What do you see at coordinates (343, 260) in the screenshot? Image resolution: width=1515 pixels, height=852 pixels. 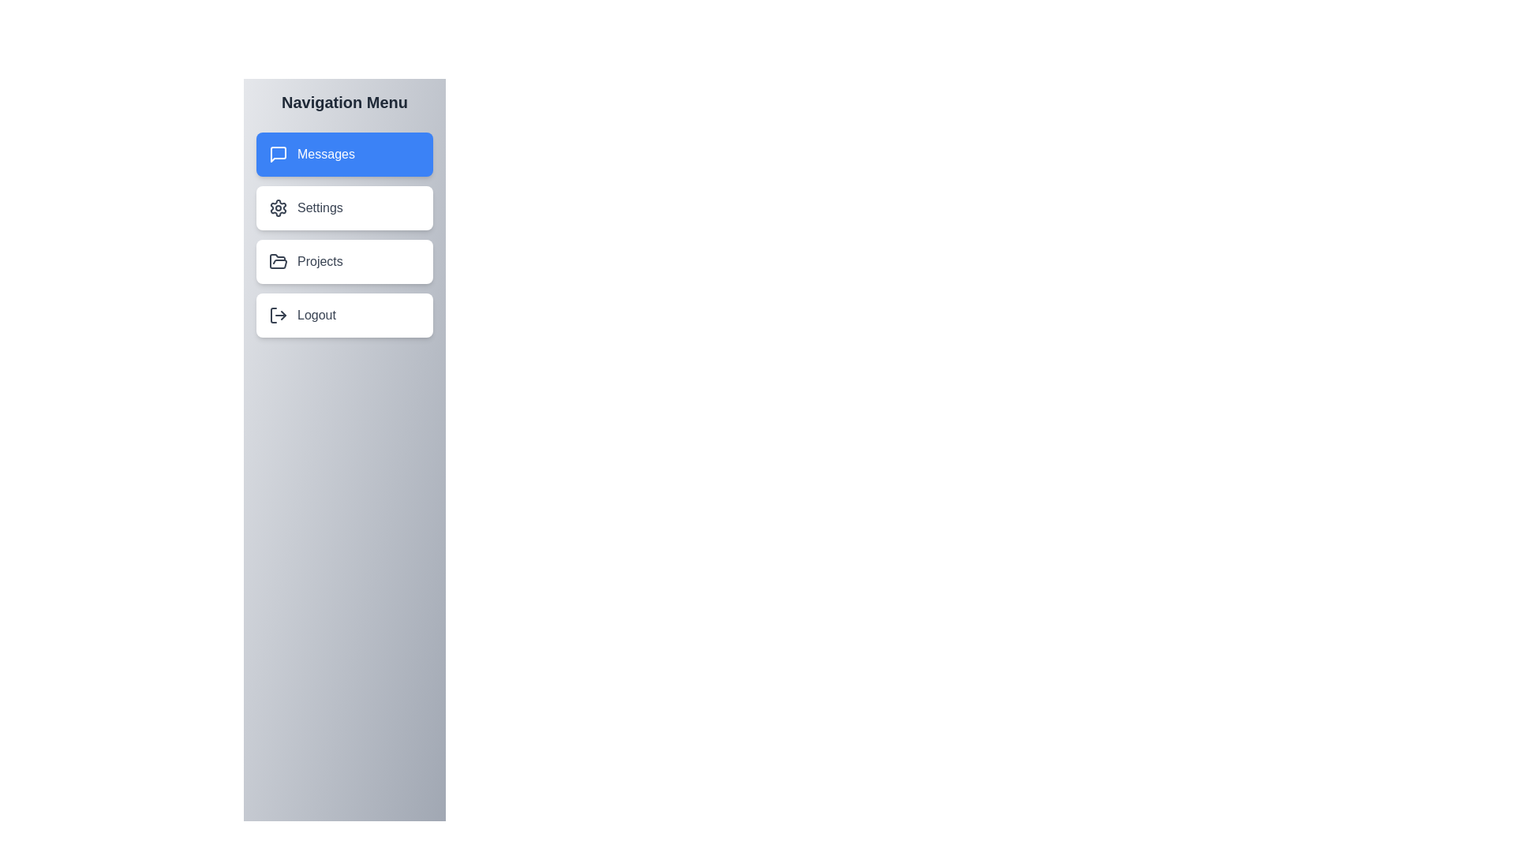 I see `the menu item Projects to navigate` at bounding box center [343, 260].